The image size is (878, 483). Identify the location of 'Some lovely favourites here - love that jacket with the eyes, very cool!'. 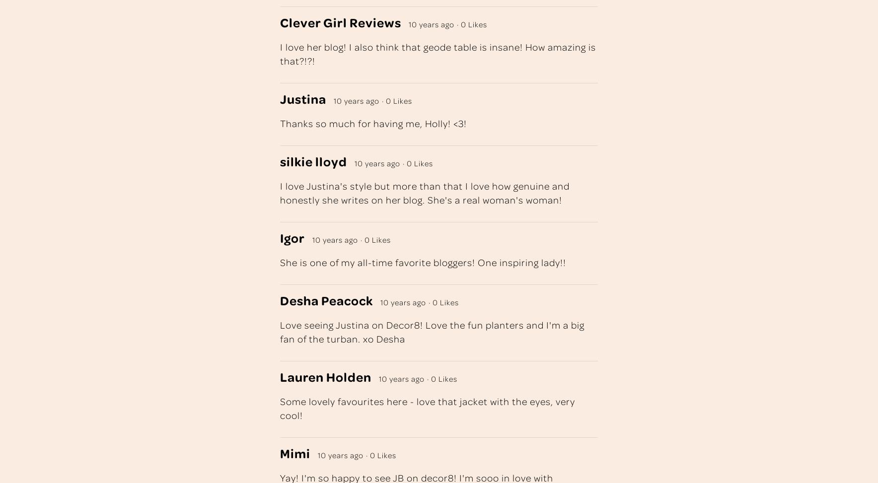
(428, 407).